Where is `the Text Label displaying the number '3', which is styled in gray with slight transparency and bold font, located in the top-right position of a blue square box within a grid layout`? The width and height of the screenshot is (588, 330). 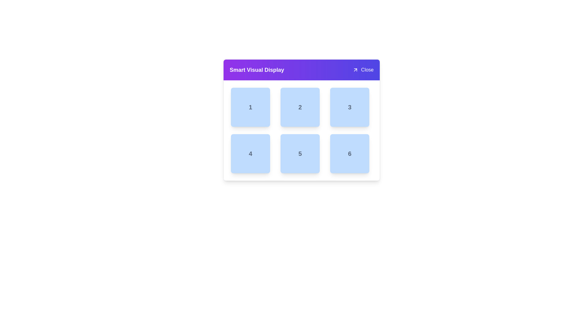 the Text Label displaying the number '3', which is styled in gray with slight transparency and bold font, located in the top-right position of a blue square box within a grid layout is located at coordinates (350, 107).